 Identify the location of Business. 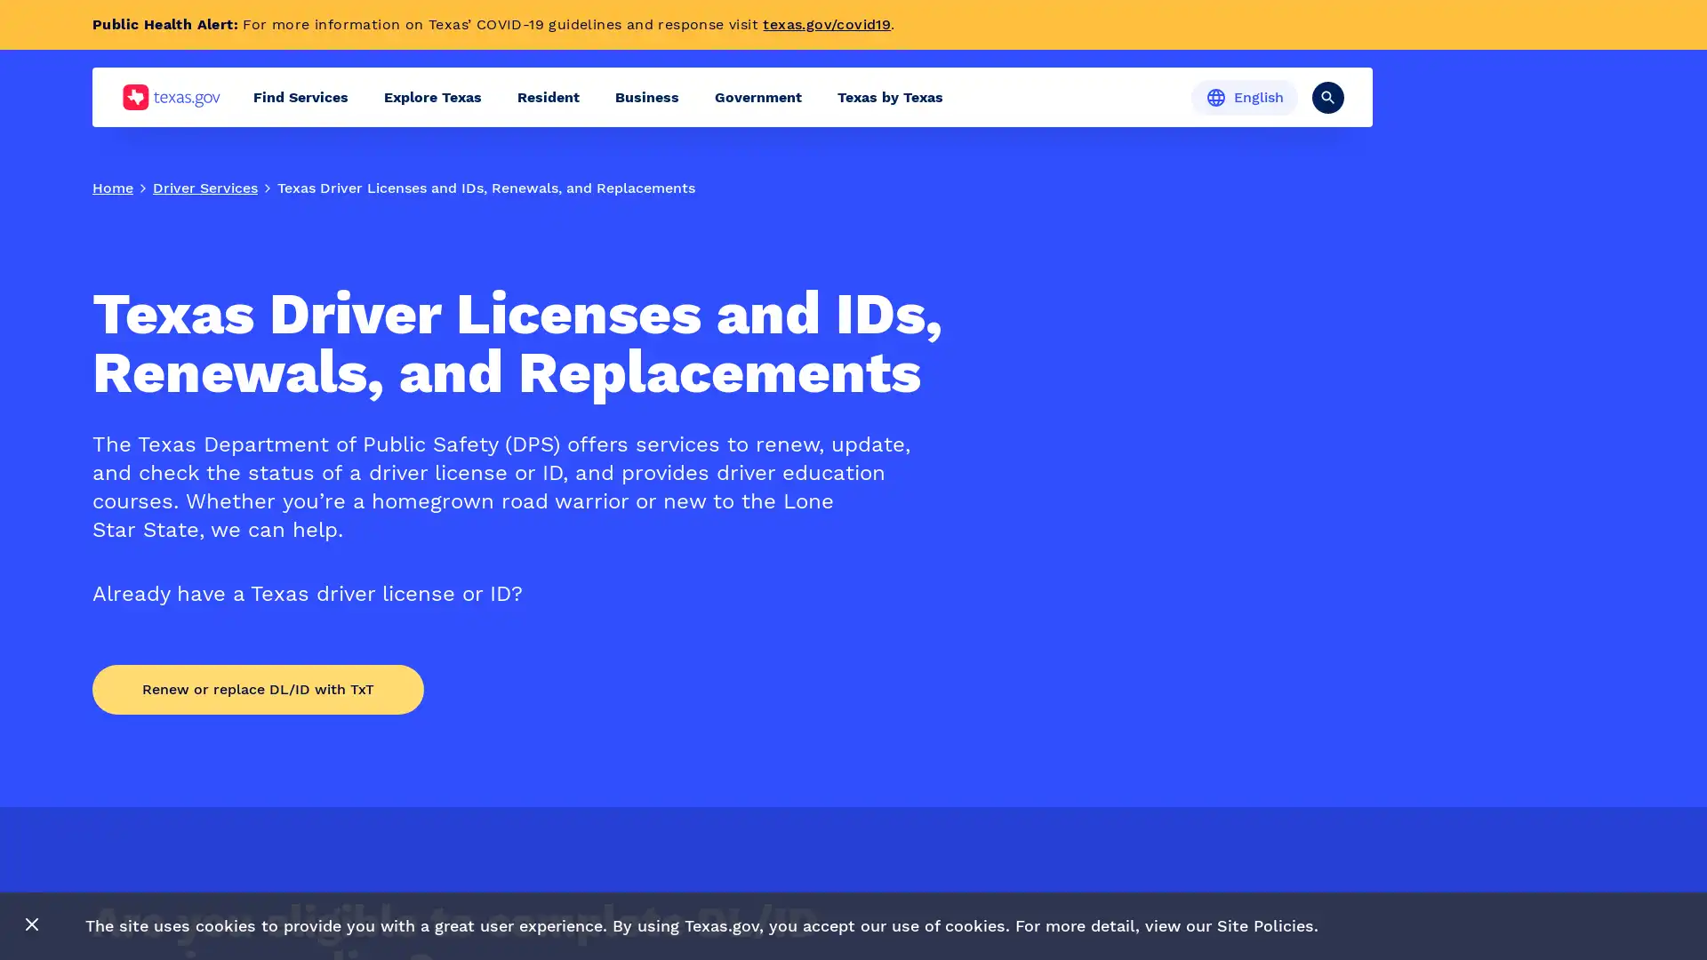
(646, 97).